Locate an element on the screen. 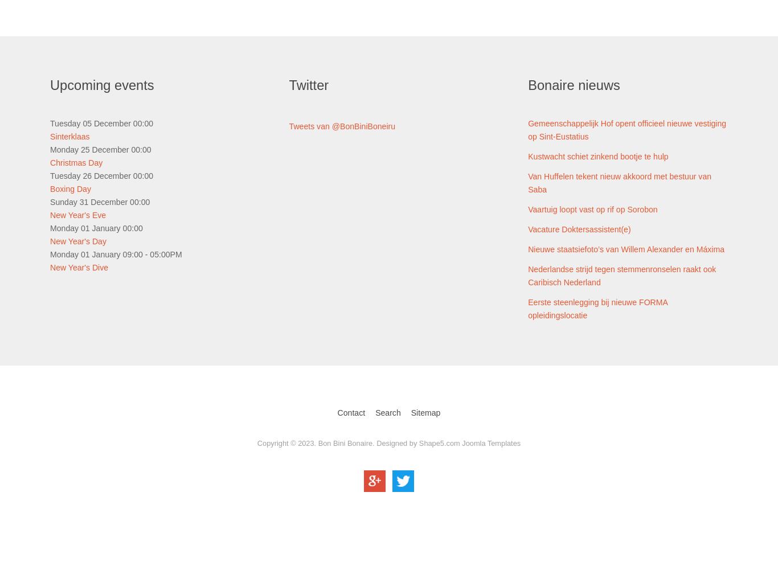  'Monday 01 January 00:00' is located at coordinates (95, 227).